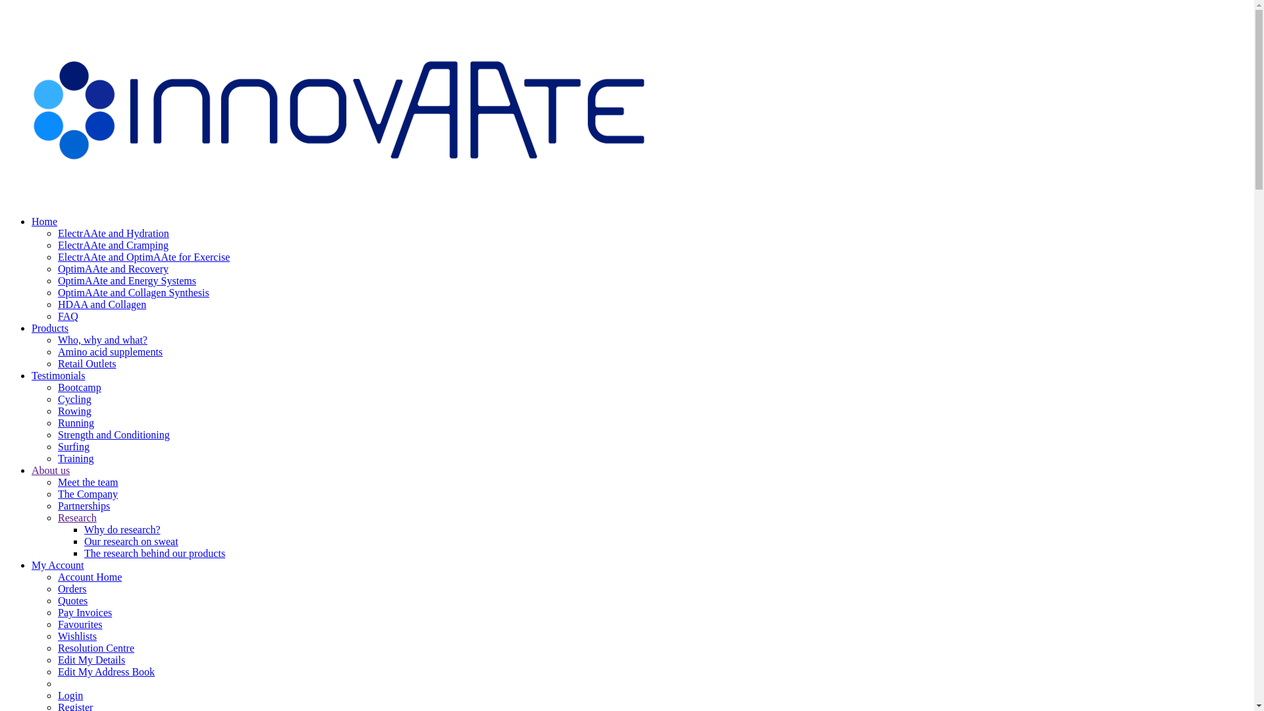  Describe the element at coordinates (32, 375) in the screenshot. I see `'Testimonials'` at that location.